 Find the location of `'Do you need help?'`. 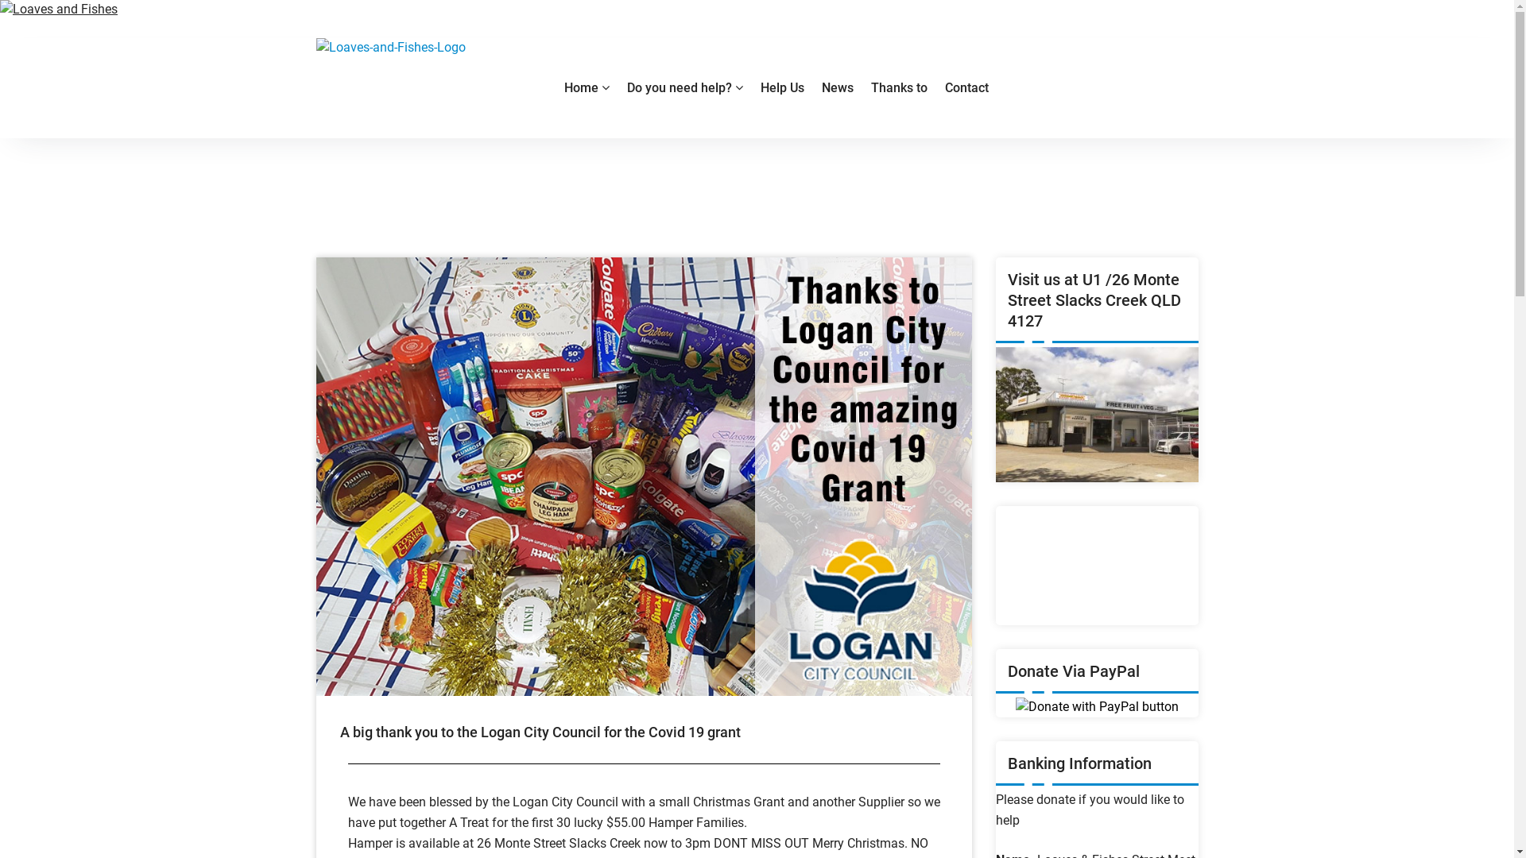

'Do you need help?' is located at coordinates (685, 88).